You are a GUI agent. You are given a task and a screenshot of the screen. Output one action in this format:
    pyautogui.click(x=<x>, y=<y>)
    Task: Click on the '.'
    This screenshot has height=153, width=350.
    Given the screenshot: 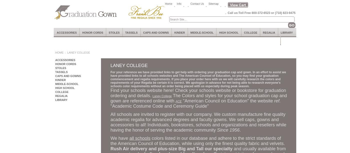 What is the action you would take?
    pyautogui.click(x=239, y=130)
    